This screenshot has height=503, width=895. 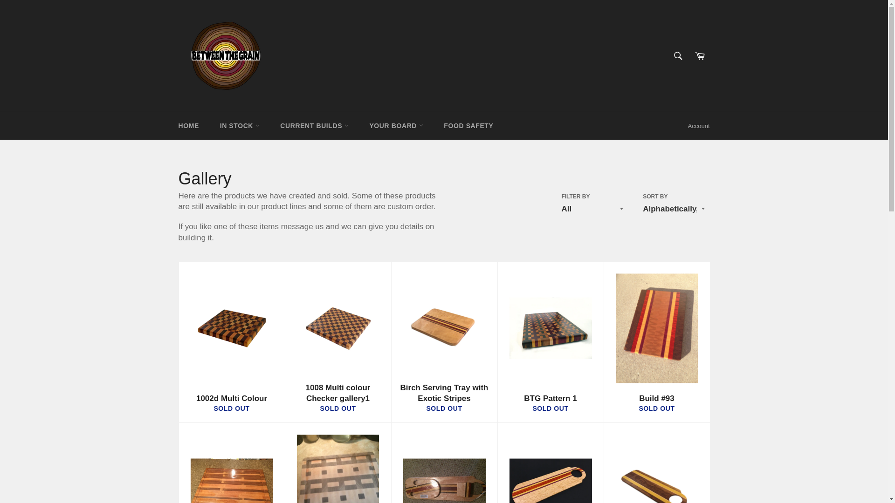 I want to click on 'CURRENT BUILDS', so click(x=314, y=126).